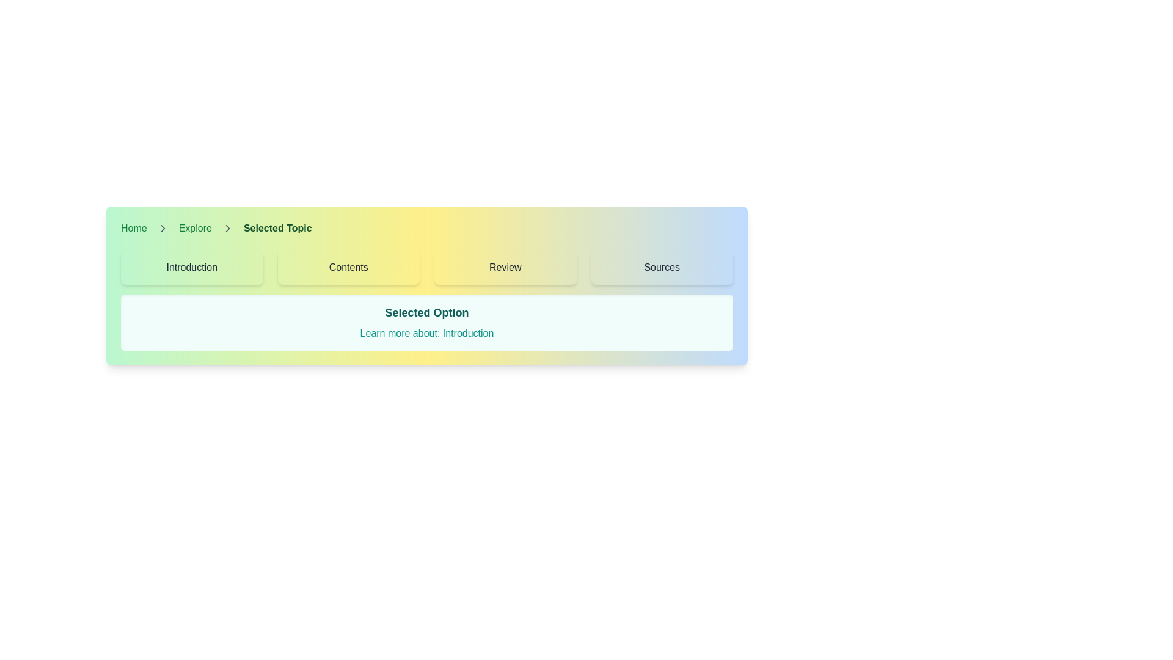 Image resolution: width=1173 pixels, height=660 pixels. What do you see at coordinates (227, 229) in the screenshot?
I see `the right-facing chevron arrow icon located in the navigation breadcrumb bar, positioned between the 'Explore' and 'Selected Topic' text elements` at bounding box center [227, 229].